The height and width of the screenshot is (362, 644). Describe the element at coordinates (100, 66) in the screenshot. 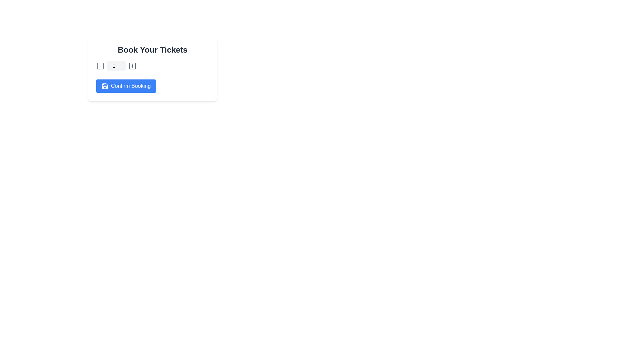

I see `the decrement button located under the 'Book Your Tickets' heading, which is the first element in the group before the numeric input box displaying '1'` at that location.